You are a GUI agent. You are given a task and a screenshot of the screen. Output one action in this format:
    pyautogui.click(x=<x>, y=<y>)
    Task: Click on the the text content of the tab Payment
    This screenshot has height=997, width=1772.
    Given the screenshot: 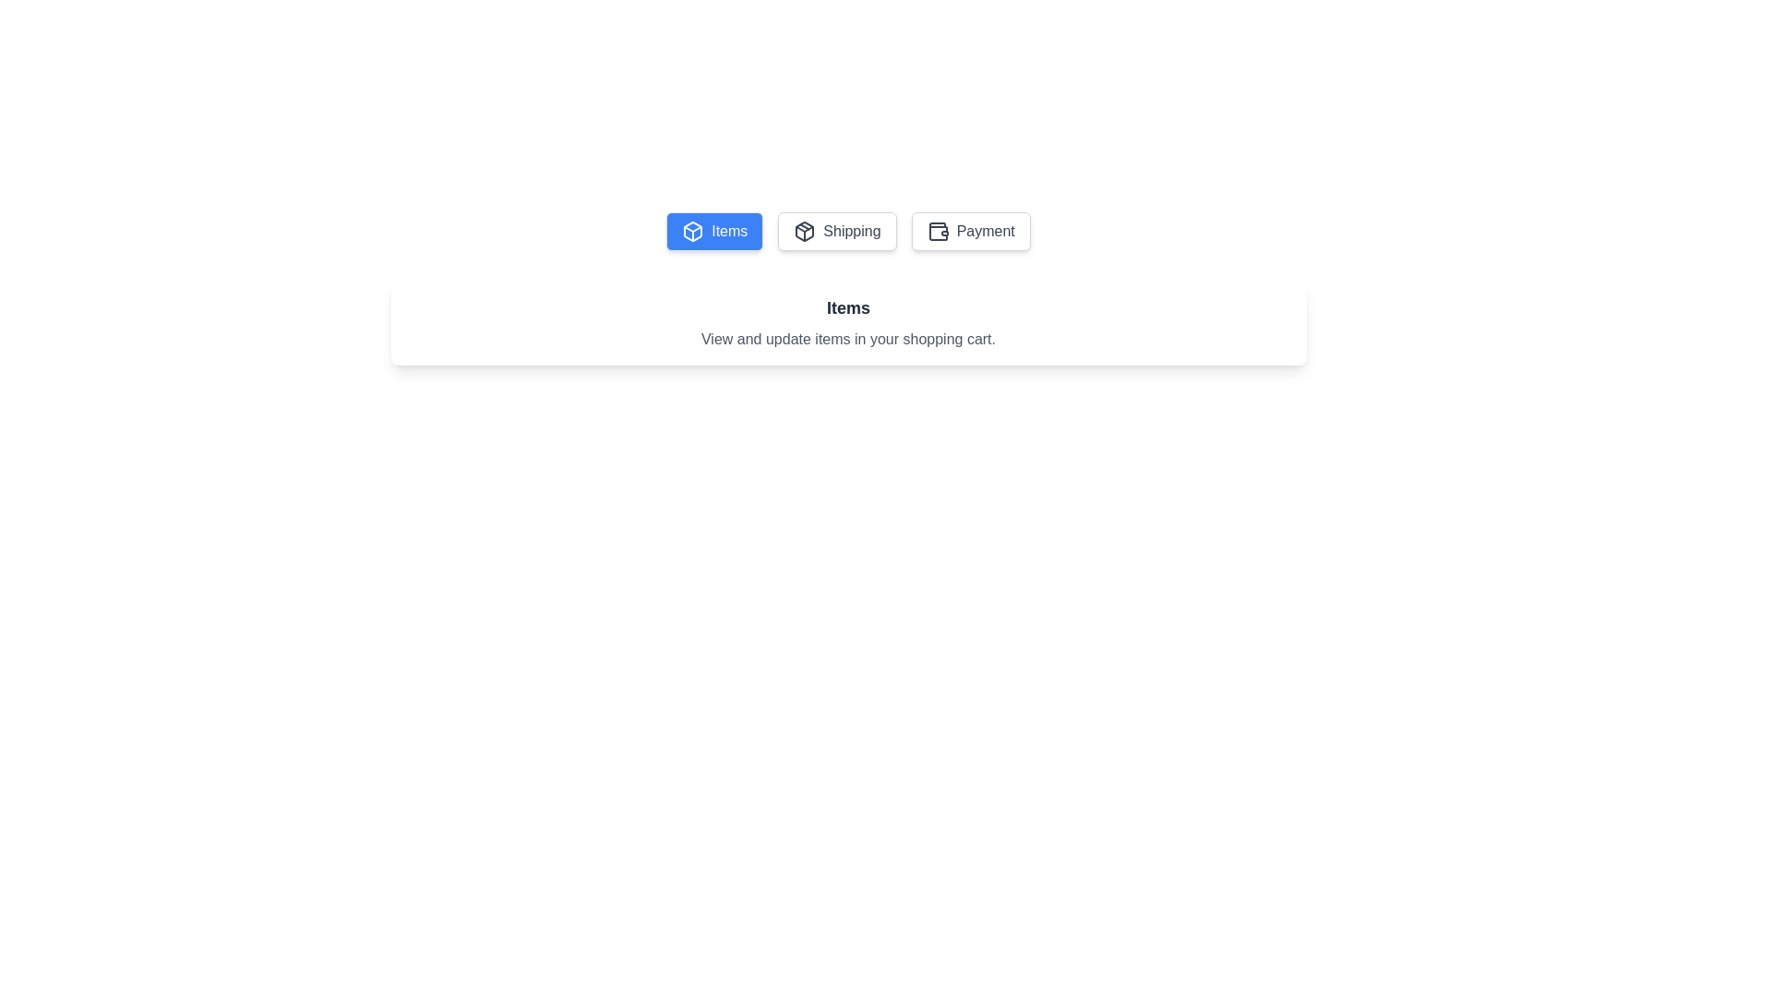 What is the action you would take?
    pyautogui.click(x=970, y=230)
    